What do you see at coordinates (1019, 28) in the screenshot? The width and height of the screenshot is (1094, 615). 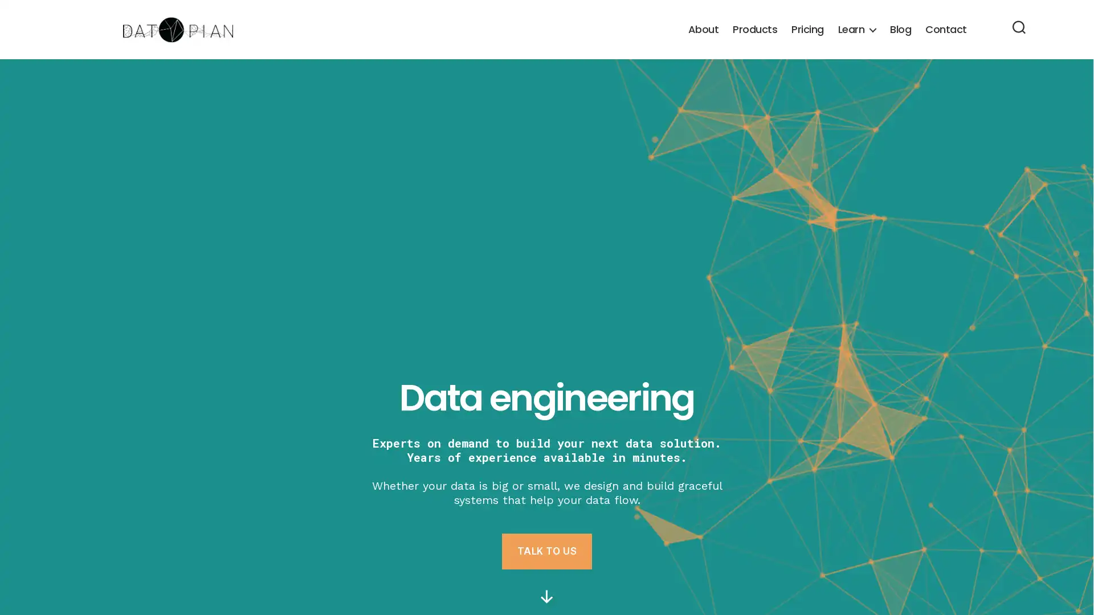 I see `Search` at bounding box center [1019, 28].